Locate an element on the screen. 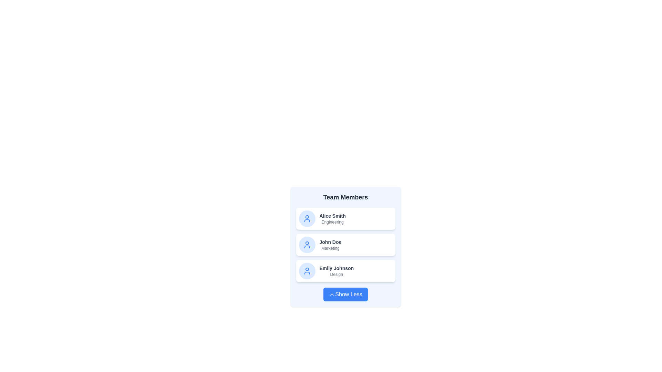 The width and height of the screenshot is (662, 372). the third blue circular profile icon depicting a user profile silhouette in the 'Team Members' section, aligned with 'Emily Johnson Design' is located at coordinates (307, 270).